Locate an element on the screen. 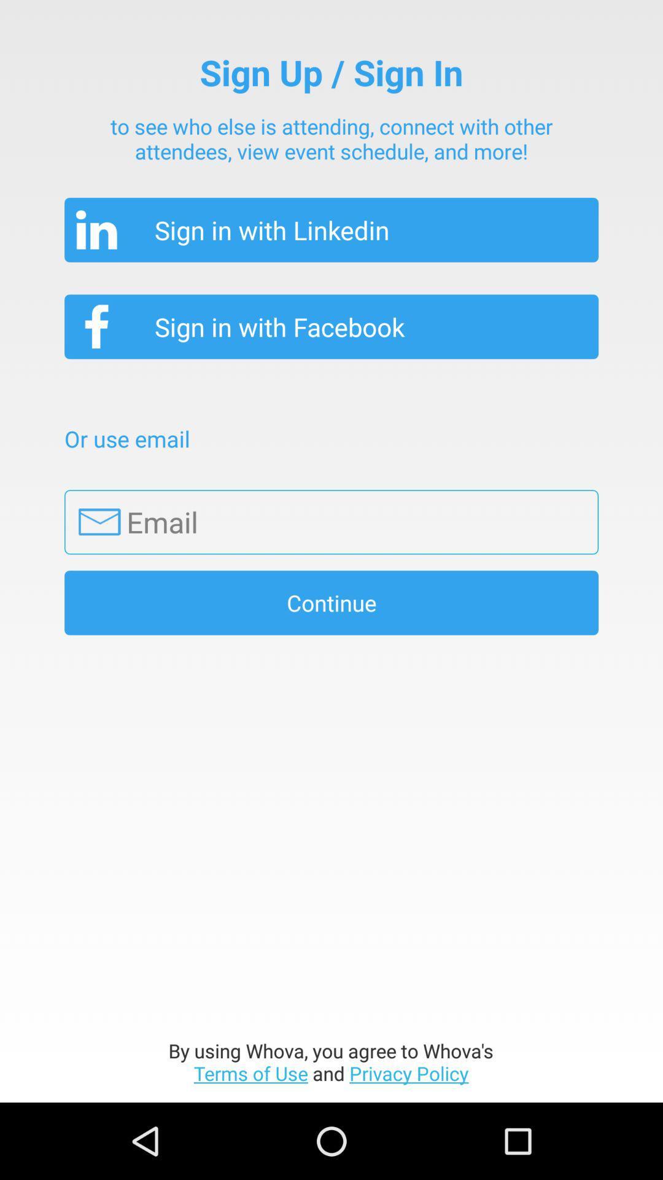 The image size is (663, 1180). item above the by using whova is located at coordinates (331, 602).